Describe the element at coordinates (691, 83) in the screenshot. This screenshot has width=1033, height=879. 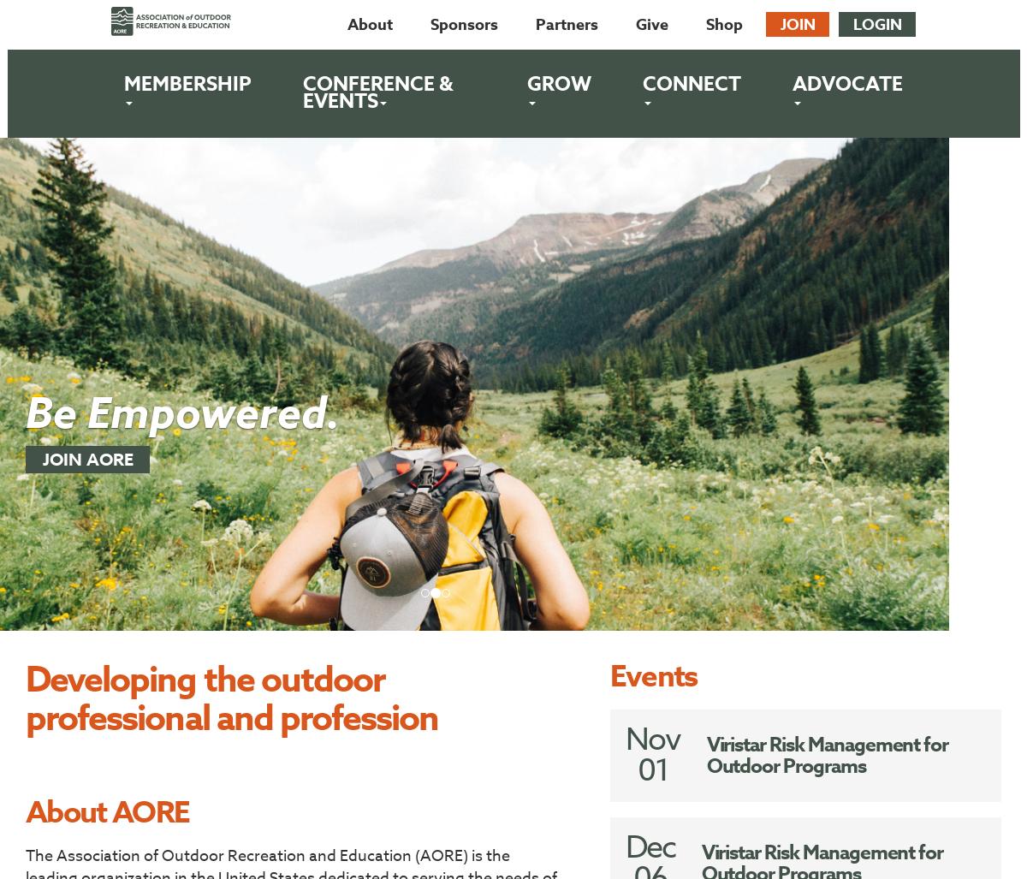
I see `'Connect'` at that location.